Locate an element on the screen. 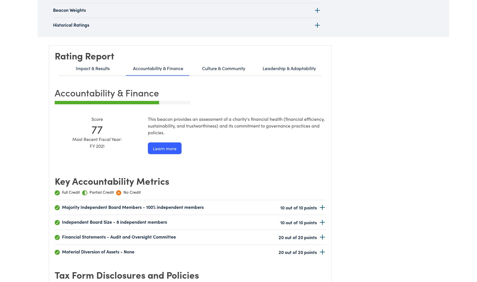 The image size is (477, 282). 'Majority Independent Board Members - 100% independent members' is located at coordinates (62, 206).